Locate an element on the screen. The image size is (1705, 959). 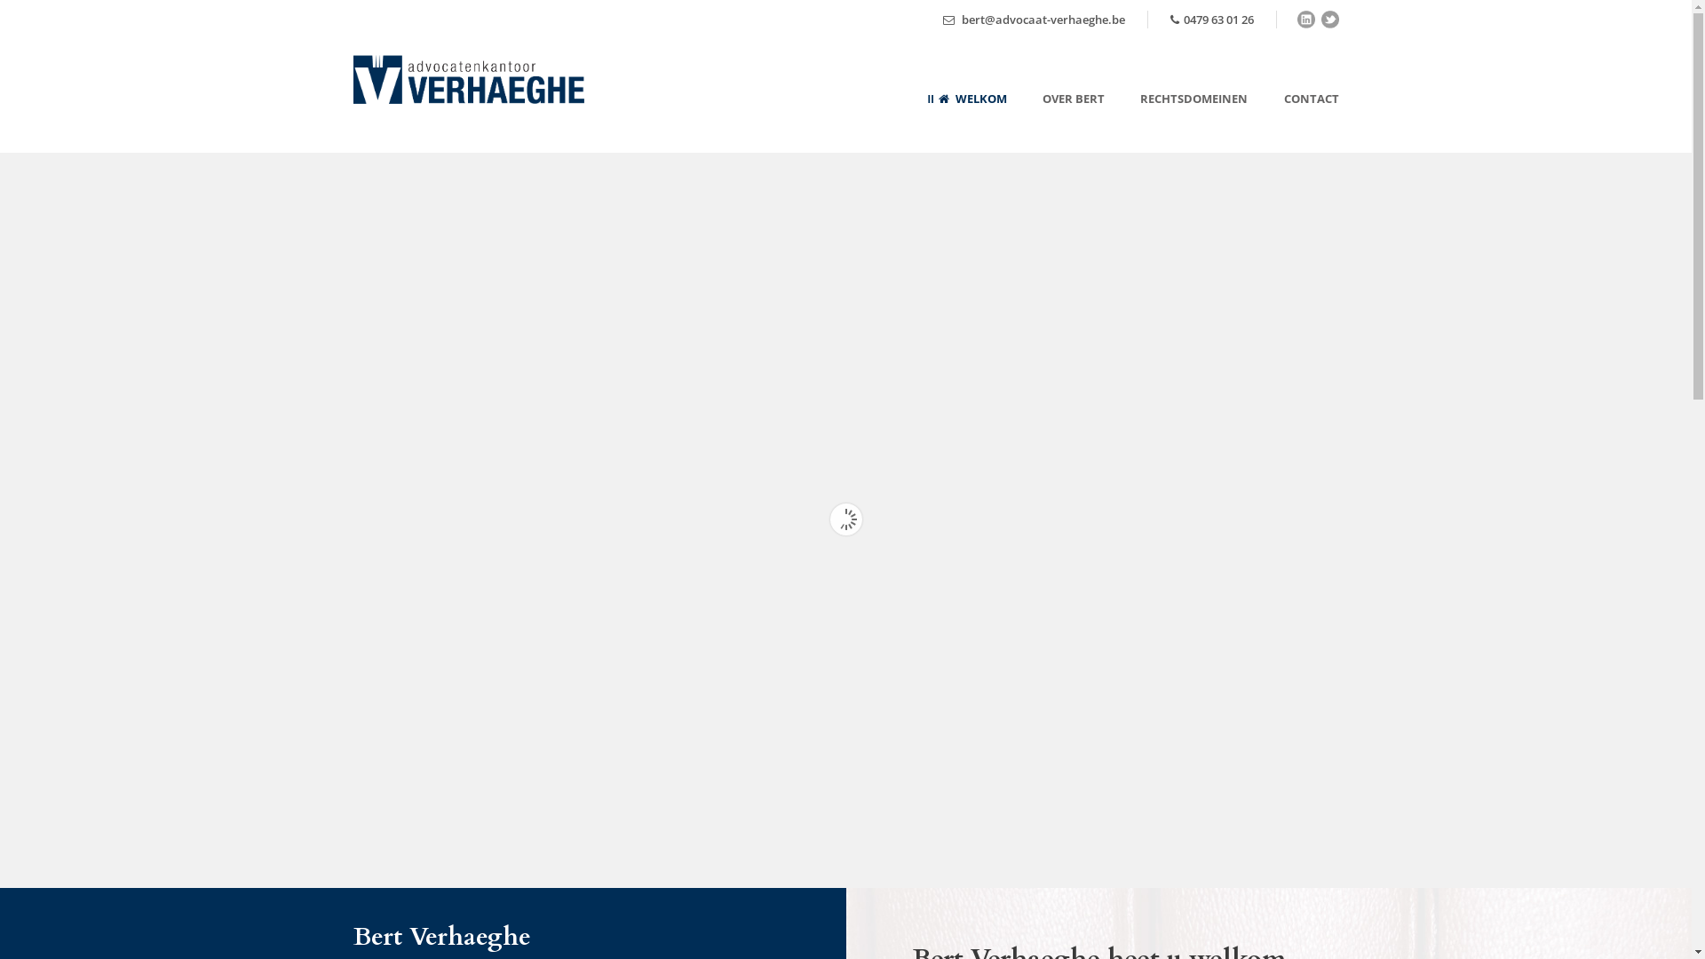
'WELKOM' is located at coordinates (966, 120).